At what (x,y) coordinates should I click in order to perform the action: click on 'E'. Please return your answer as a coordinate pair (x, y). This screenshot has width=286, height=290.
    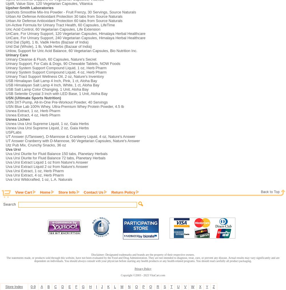
    Looking at the image, I should click on (68, 287).